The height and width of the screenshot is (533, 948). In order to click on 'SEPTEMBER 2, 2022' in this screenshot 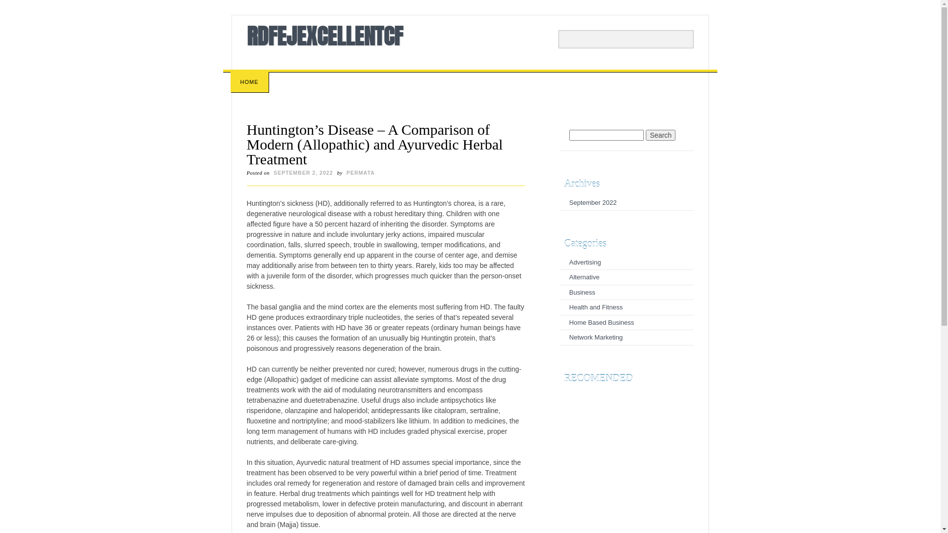, I will do `click(271, 172)`.